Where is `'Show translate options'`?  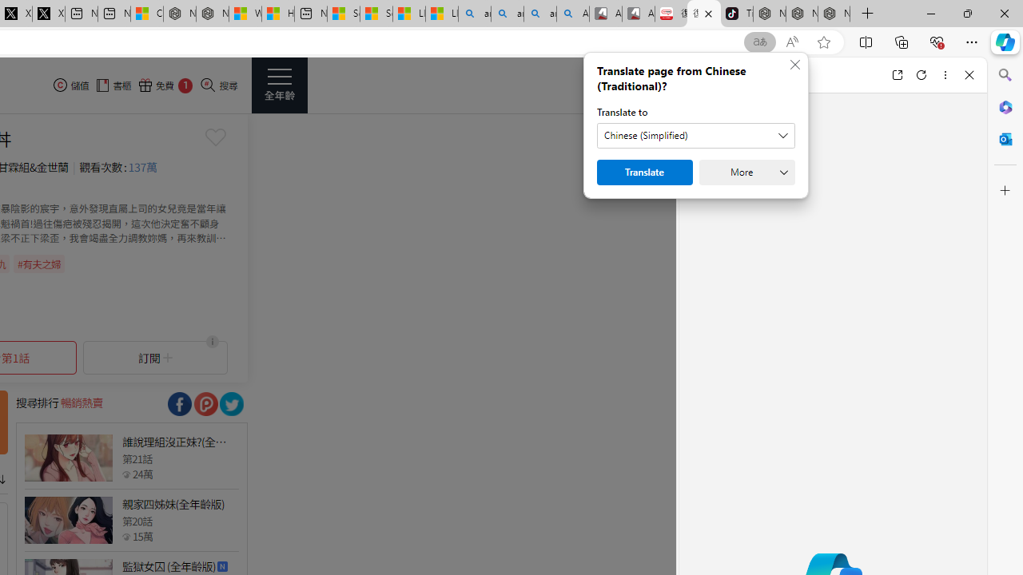 'Show translate options' is located at coordinates (759, 42).